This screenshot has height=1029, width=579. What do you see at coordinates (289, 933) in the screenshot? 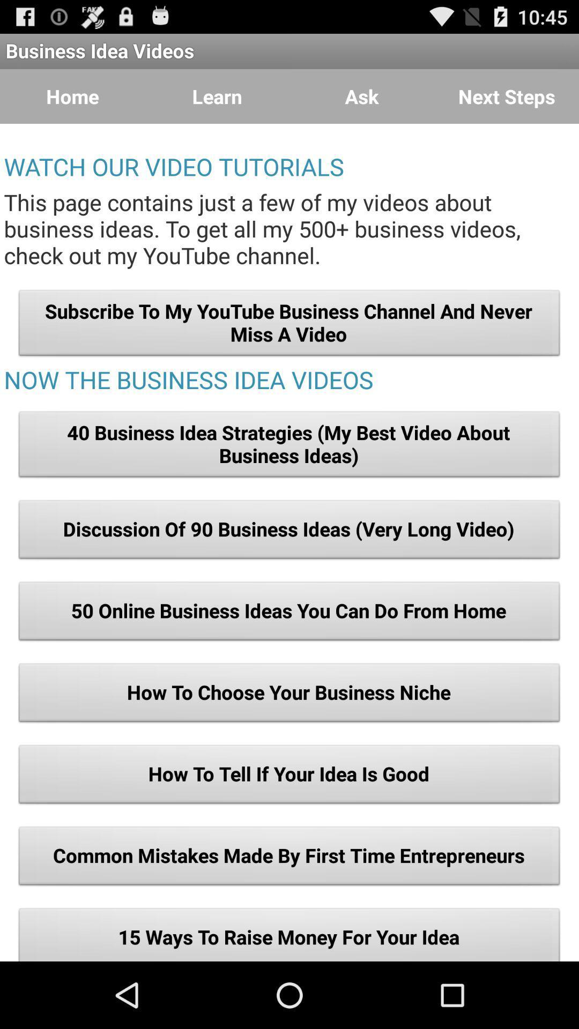
I see `item below the common mistakes made button` at bounding box center [289, 933].